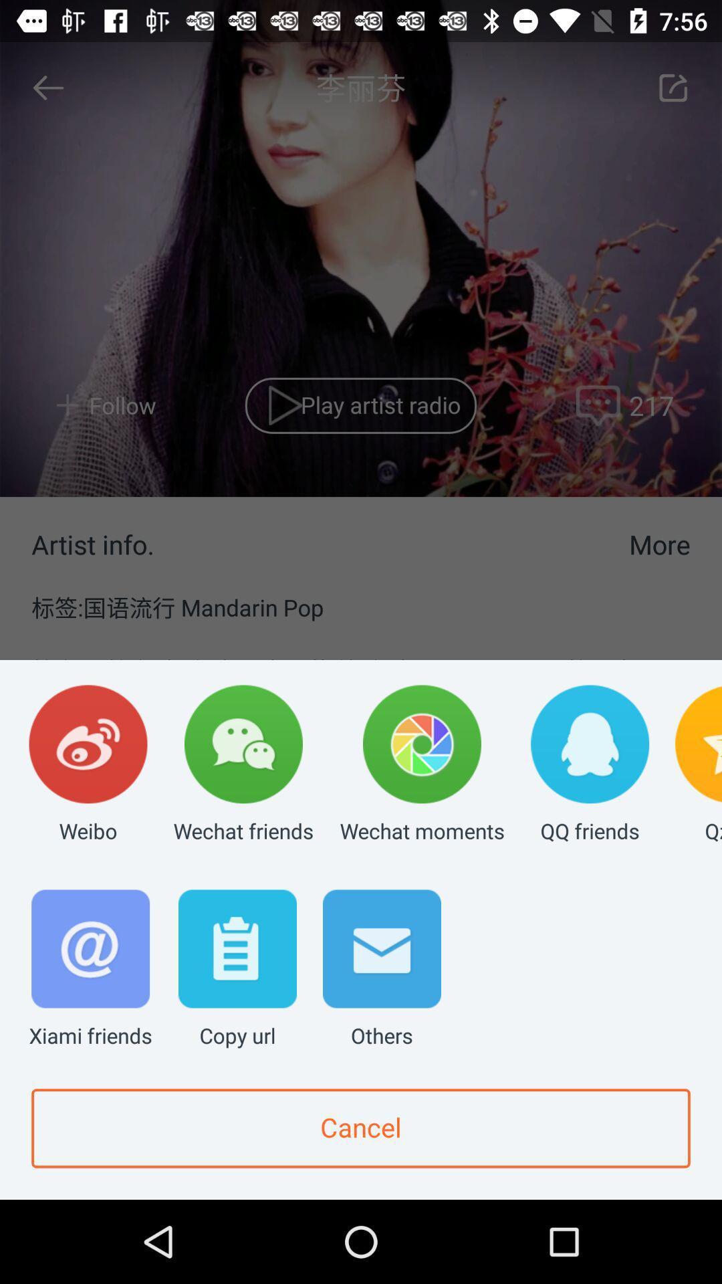 This screenshot has height=1284, width=722. What do you see at coordinates (88, 765) in the screenshot?
I see `the icon on the left` at bounding box center [88, 765].